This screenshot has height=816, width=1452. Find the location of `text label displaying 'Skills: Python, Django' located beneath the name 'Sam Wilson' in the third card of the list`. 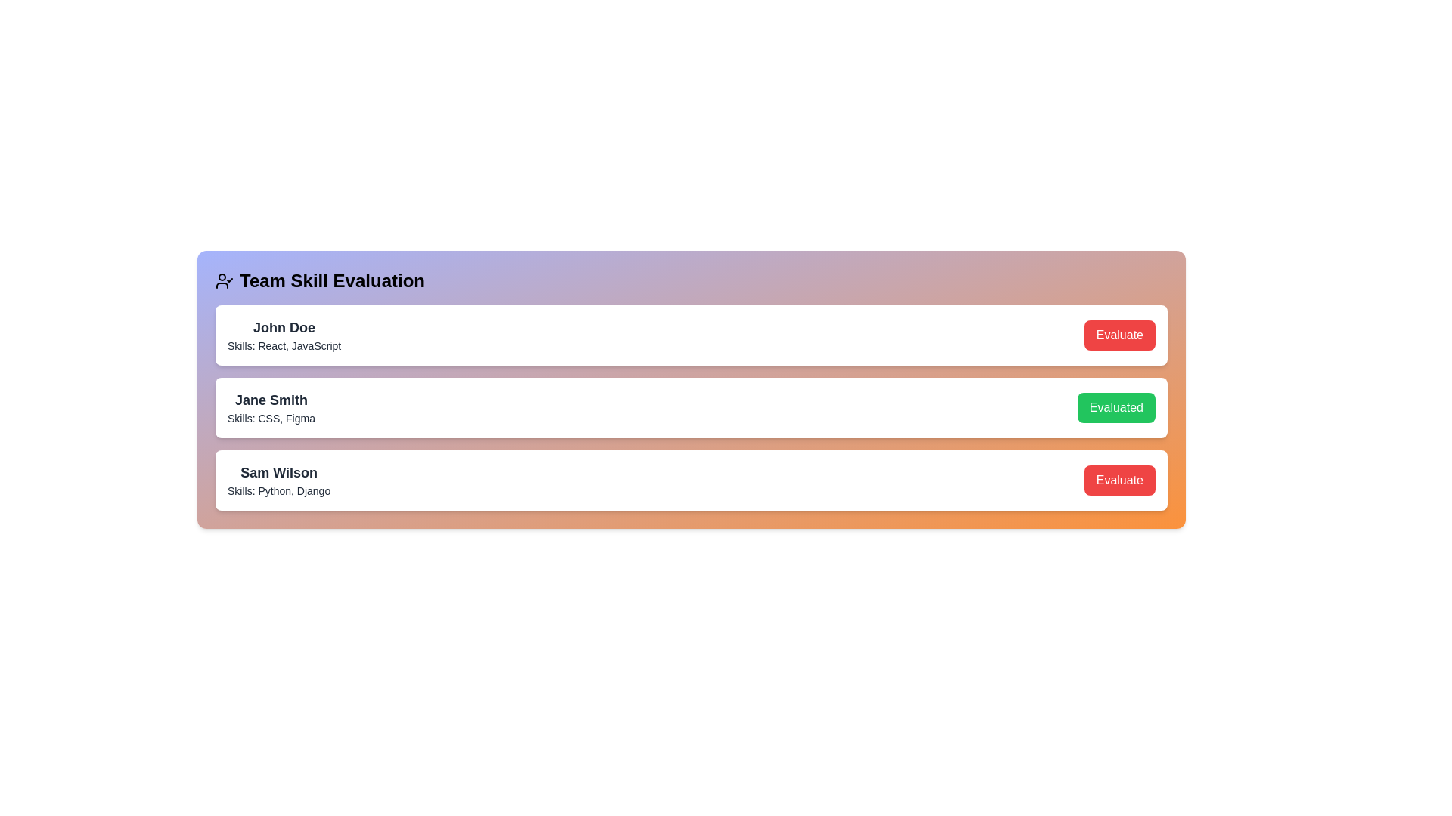

text label displaying 'Skills: Python, Django' located beneath the name 'Sam Wilson' in the third card of the list is located at coordinates (279, 491).